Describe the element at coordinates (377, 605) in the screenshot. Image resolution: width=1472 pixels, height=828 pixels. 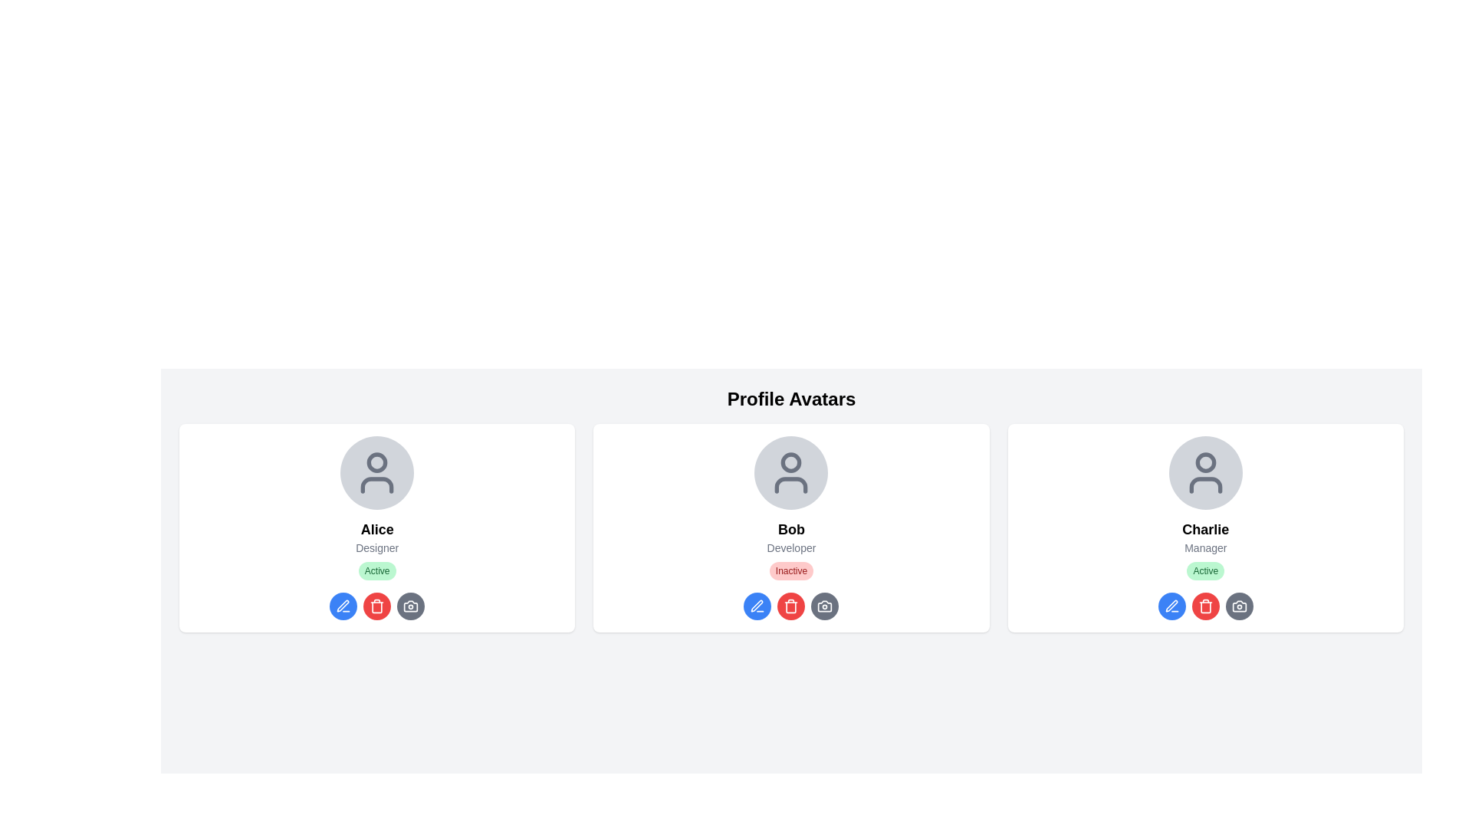
I see `the circular red button resembling a trash bin located at the bottom section of the profile card labeled 'Alice'` at that location.